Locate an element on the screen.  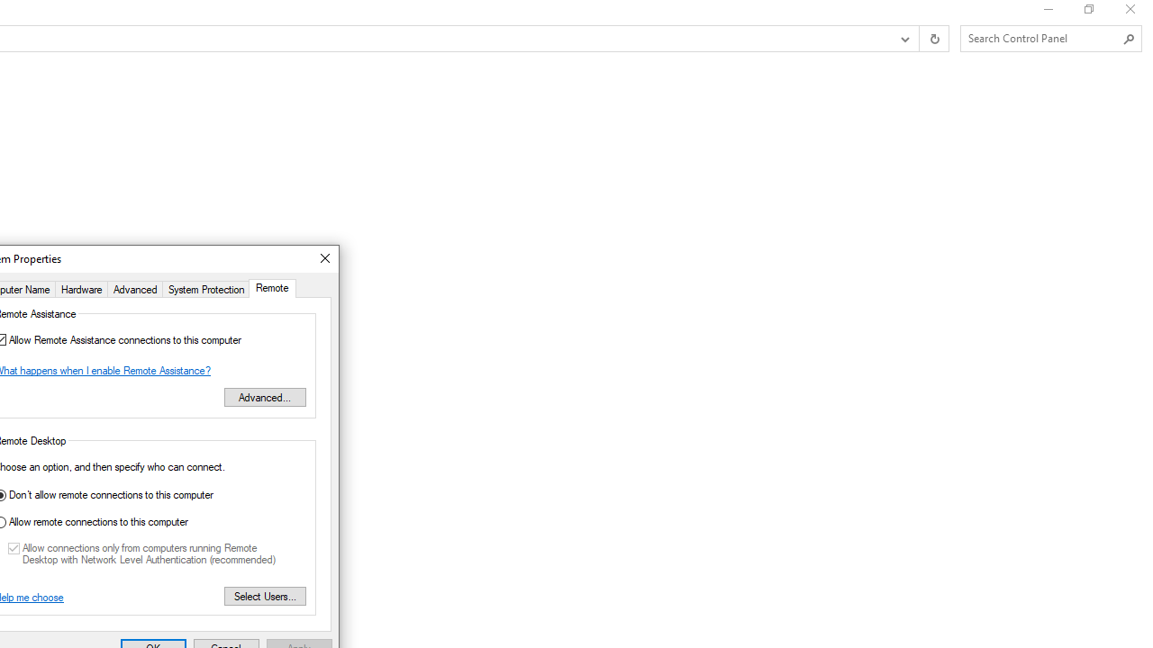
'Close' is located at coordinates (324, 259).